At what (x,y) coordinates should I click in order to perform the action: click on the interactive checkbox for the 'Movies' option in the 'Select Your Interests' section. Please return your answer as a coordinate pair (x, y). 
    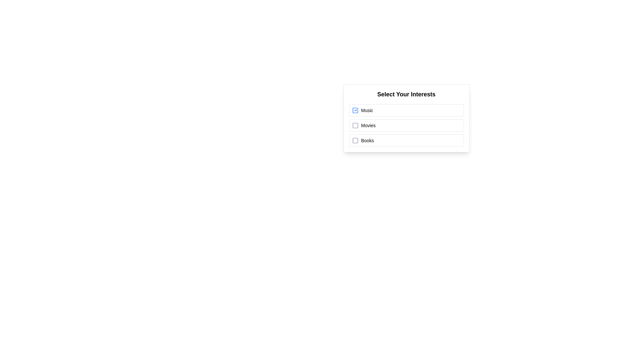
    Looking at the image, I should click on (355, 125).